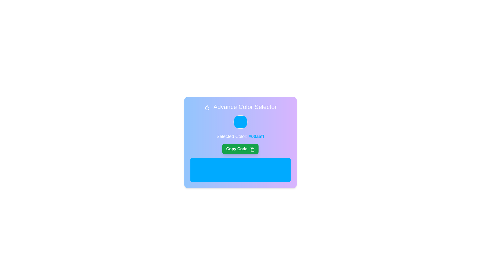 The height and width of the screenshot is (270, 481). What do you see at coordinates (256, 136) in the screenshot?
I see `the text label that displays the currently selected color in hexadecimal format, which is part of the sentence 'Selected Color: ...' and shows the color code '#00aaff' in bold and blue` at bounding box center [256, 136].